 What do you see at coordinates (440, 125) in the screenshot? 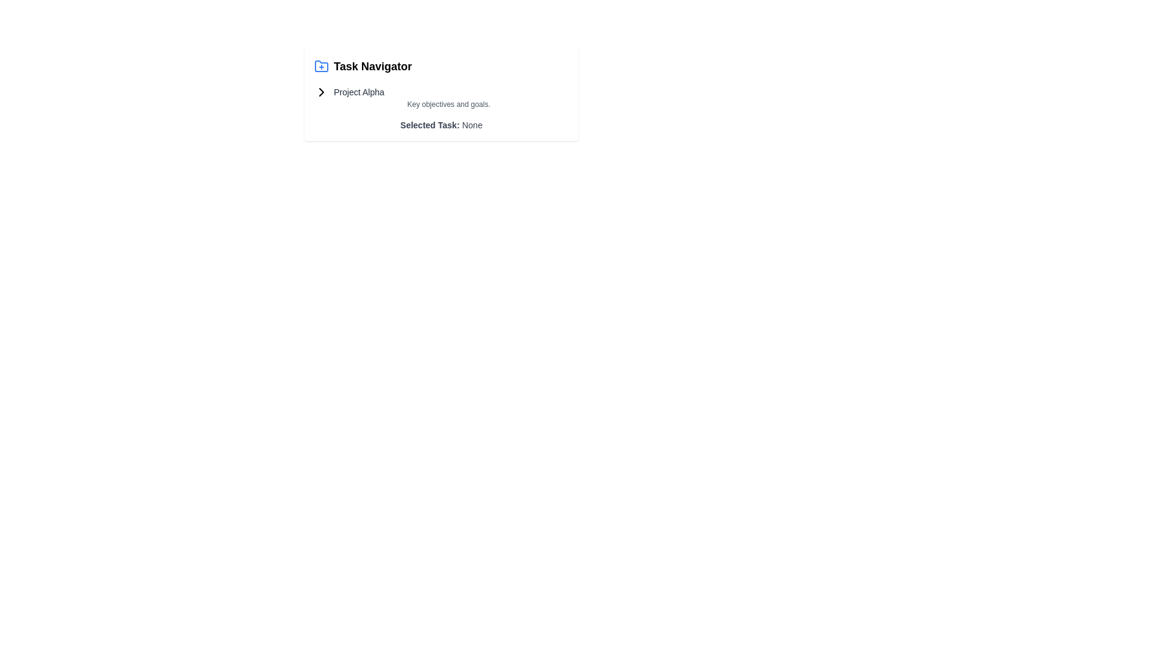
I see `the informational text label indicating that no task is currently selected, which is located at the bottom of the 'Task Navigator' card` at bounding box center [440, 125].